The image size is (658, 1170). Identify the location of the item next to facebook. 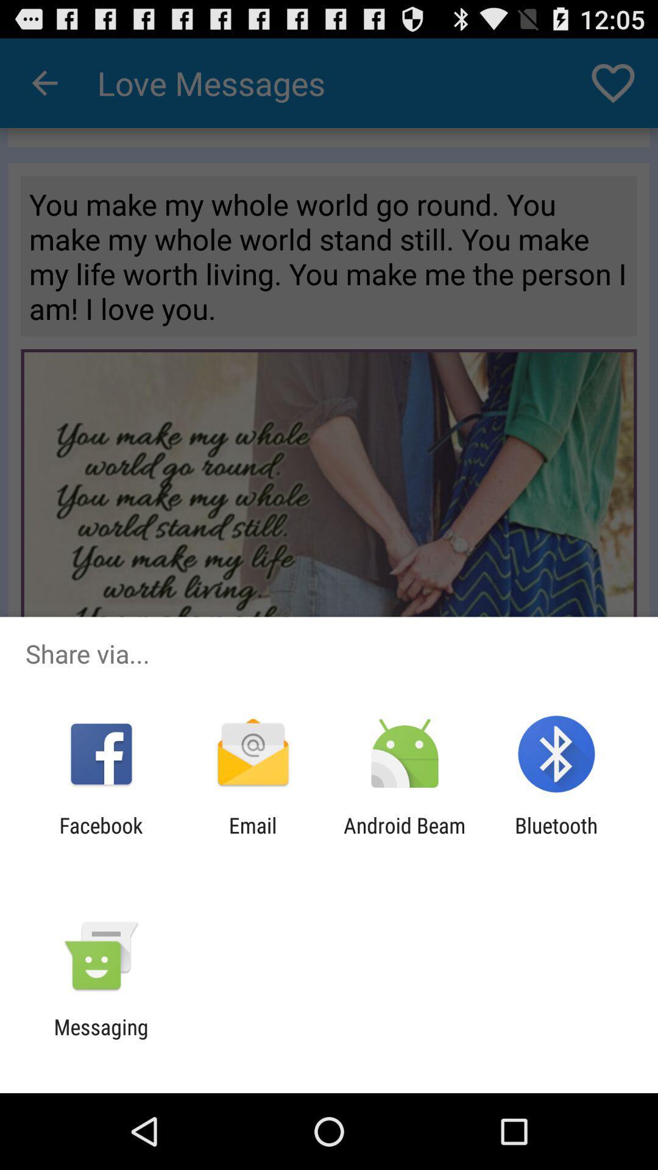
(252, 837).